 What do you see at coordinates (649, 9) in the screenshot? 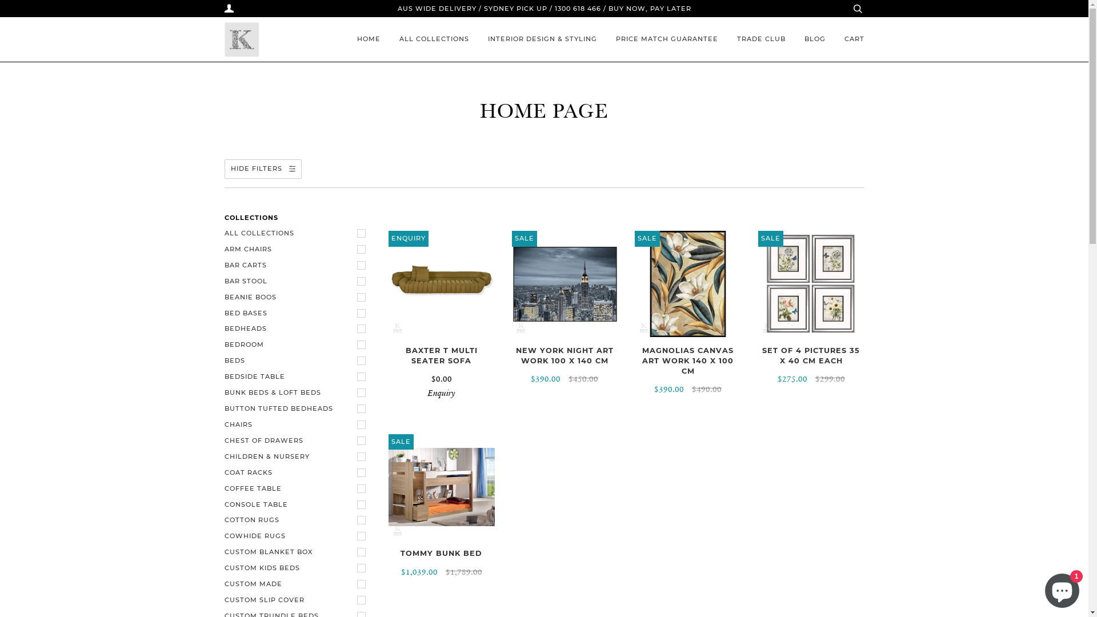
I see `'BUY NOW, PAY LATER'` at bounding box center [649, 9].